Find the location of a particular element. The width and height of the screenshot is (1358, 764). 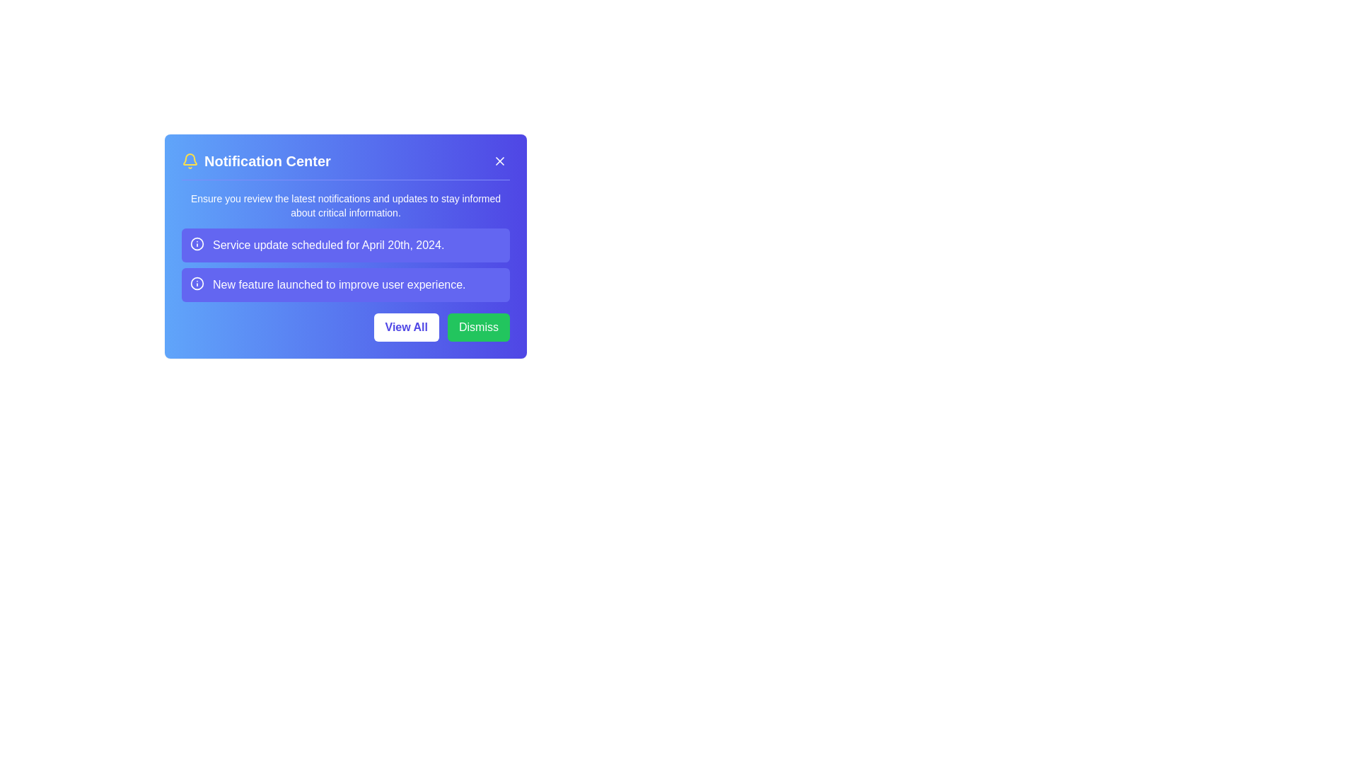

the green rectangular button labeled 'Dismiss' with rounded borders is located at coordinates (478, 327).